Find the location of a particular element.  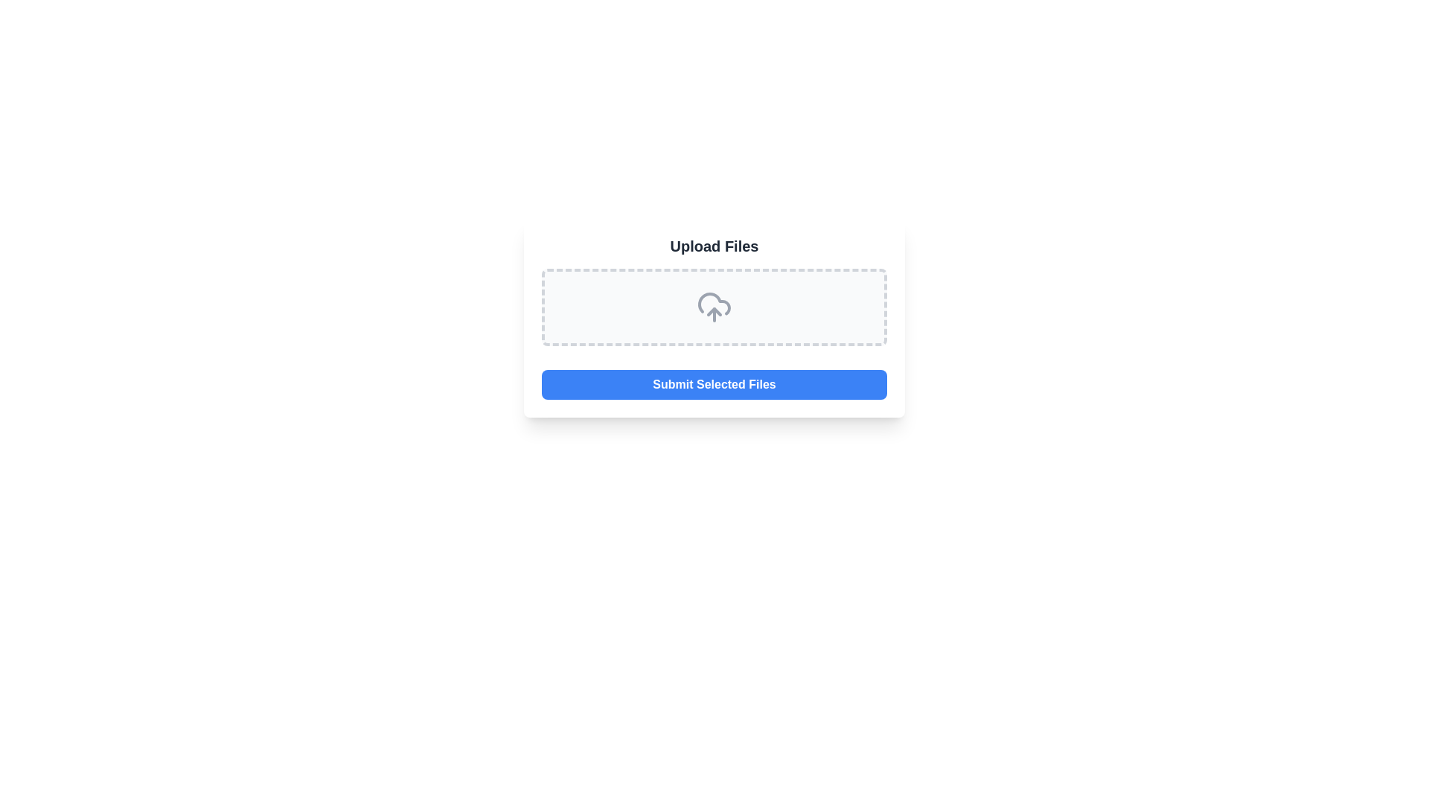

the blue rectangular button with rounded corners that reads 'Submit Selected Files' is located at coordinates (714, 383).